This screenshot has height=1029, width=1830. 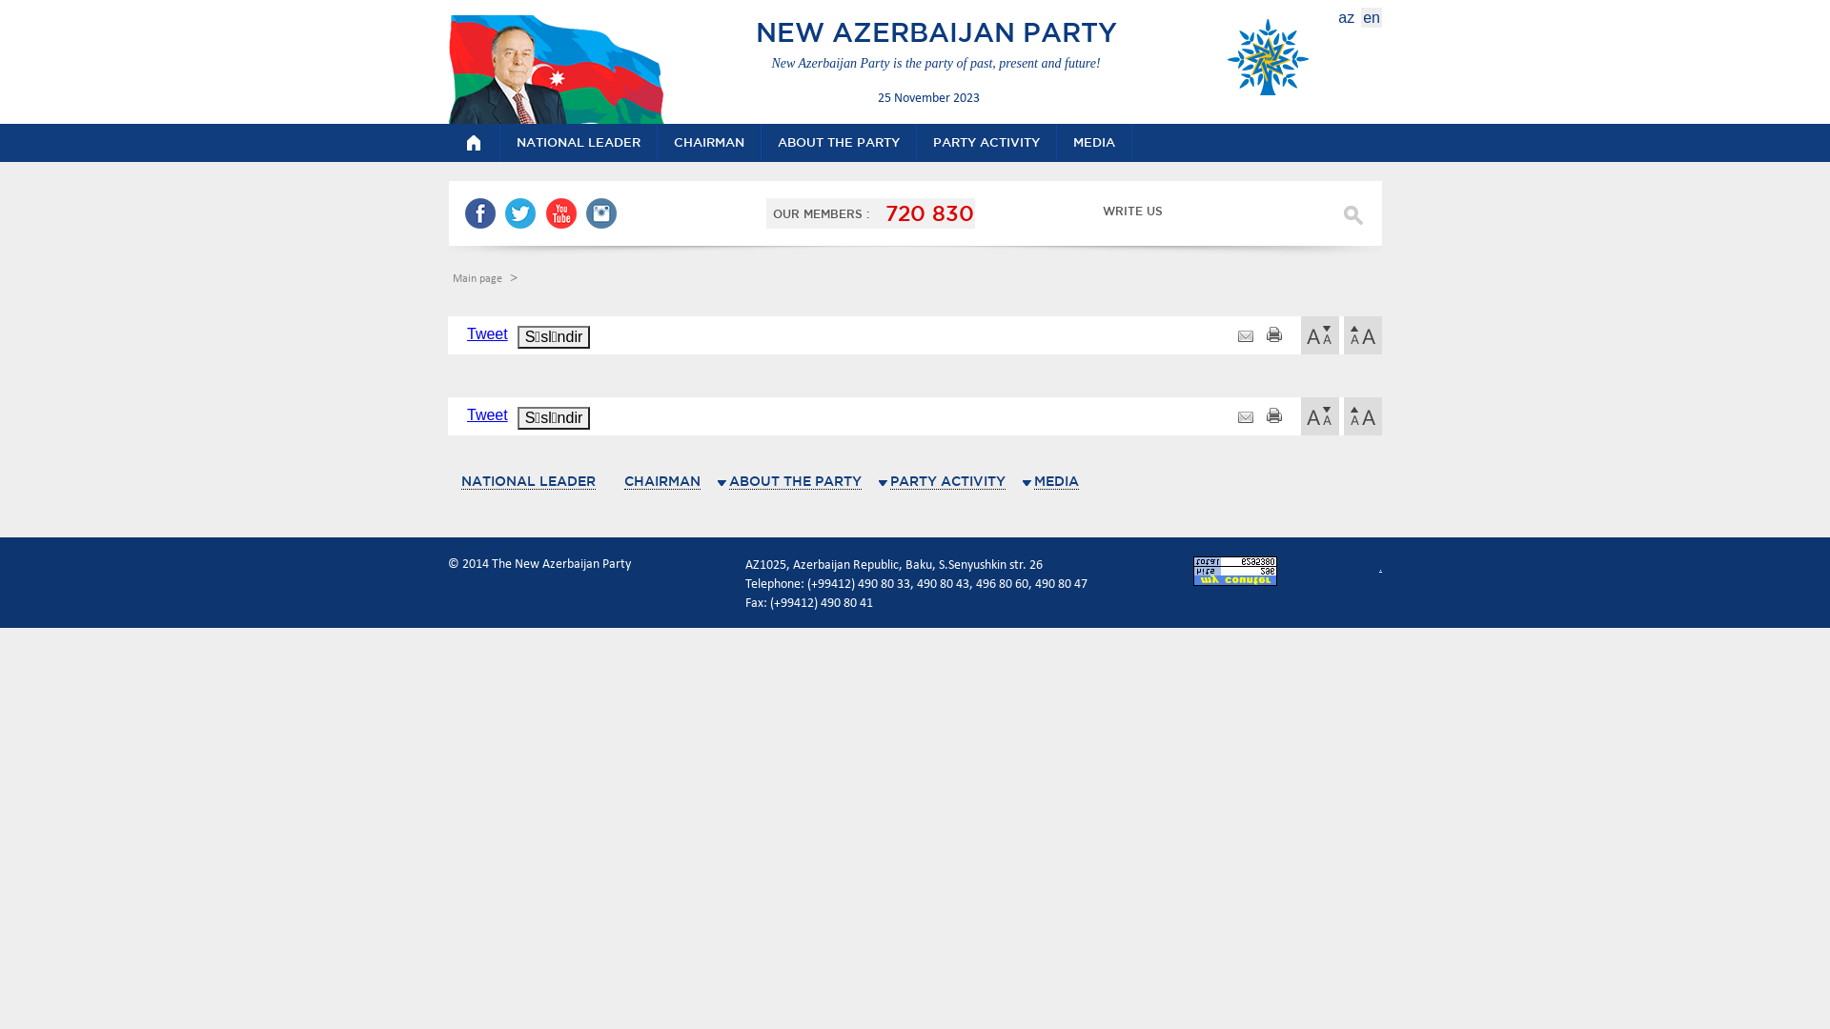 What do you see at coordinates (1334, 17) in the screenshot?
I see `'az'` at bounding box center [1334, 17].